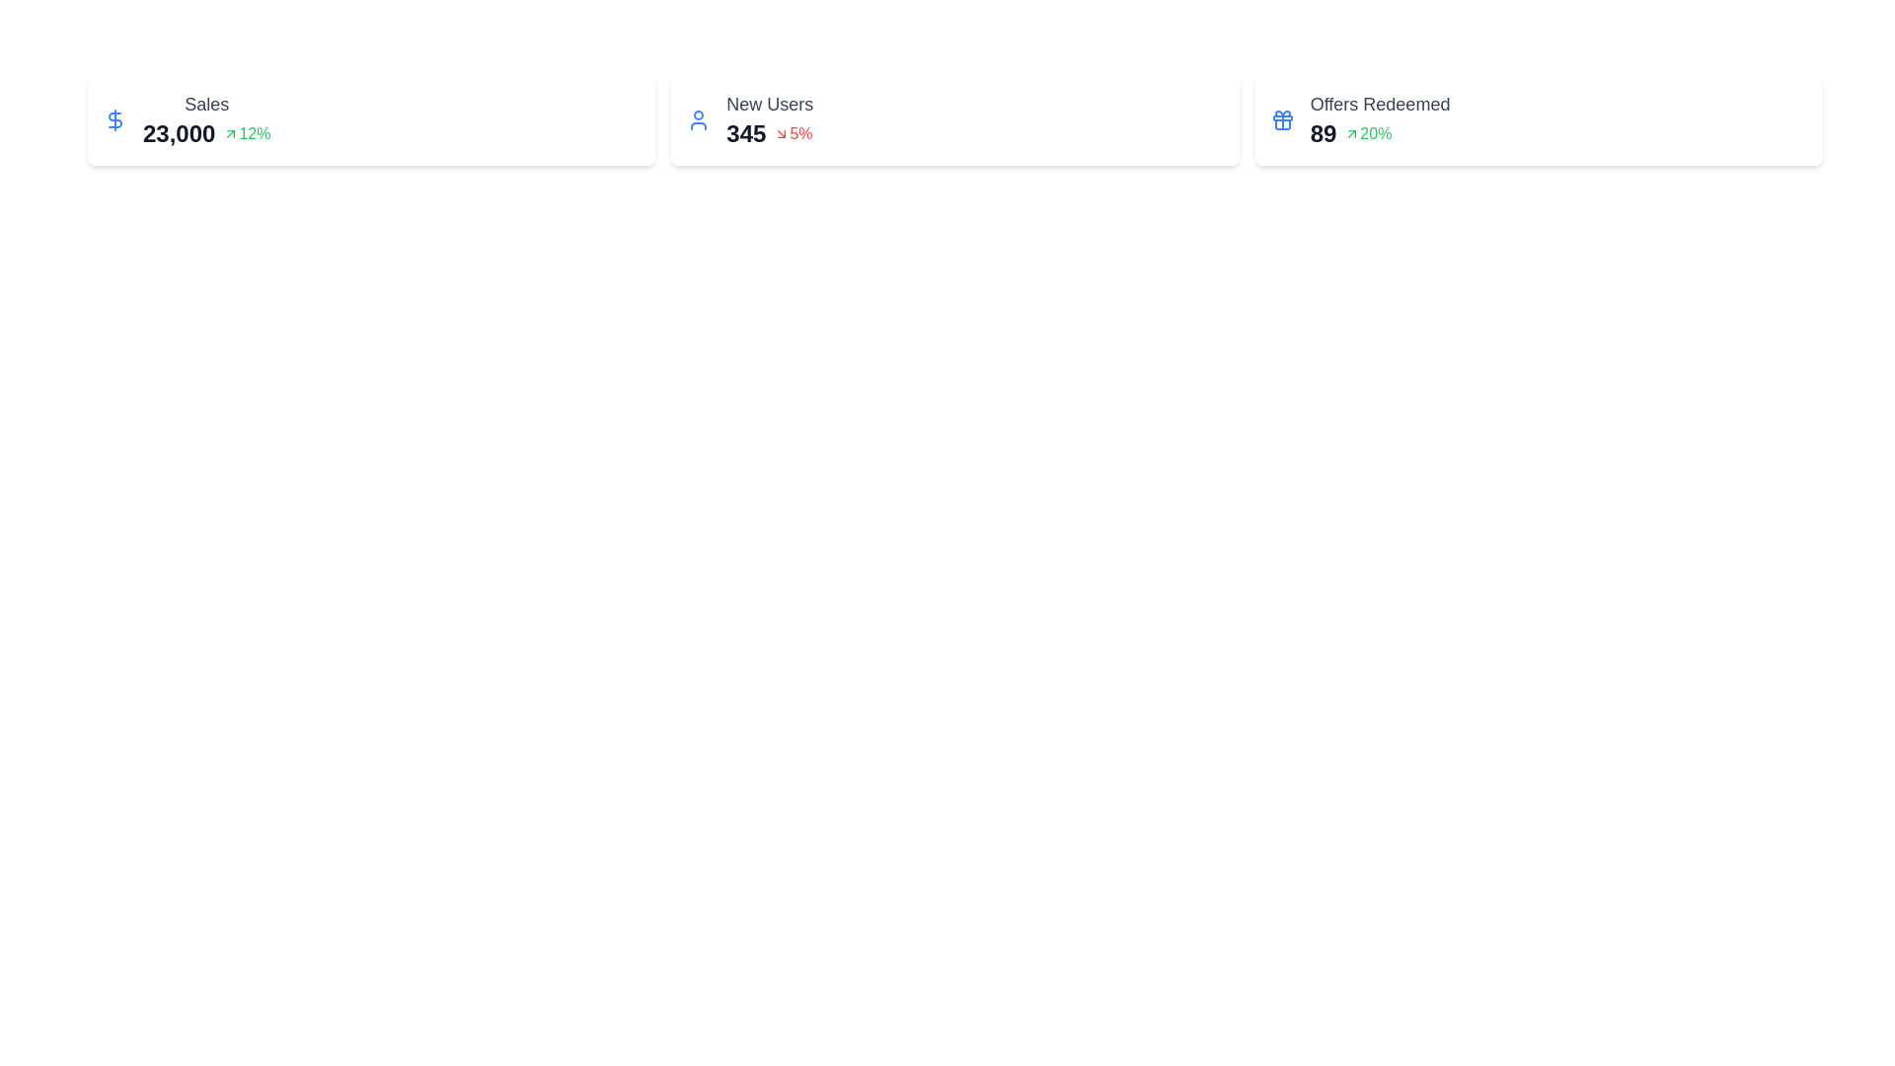 The width and height of the screenshot is (1895, 1066). I want to click on the text element displaying sales data, located beneath a dollar icon and 'Sales' label within a summary card, so click(179, 133).